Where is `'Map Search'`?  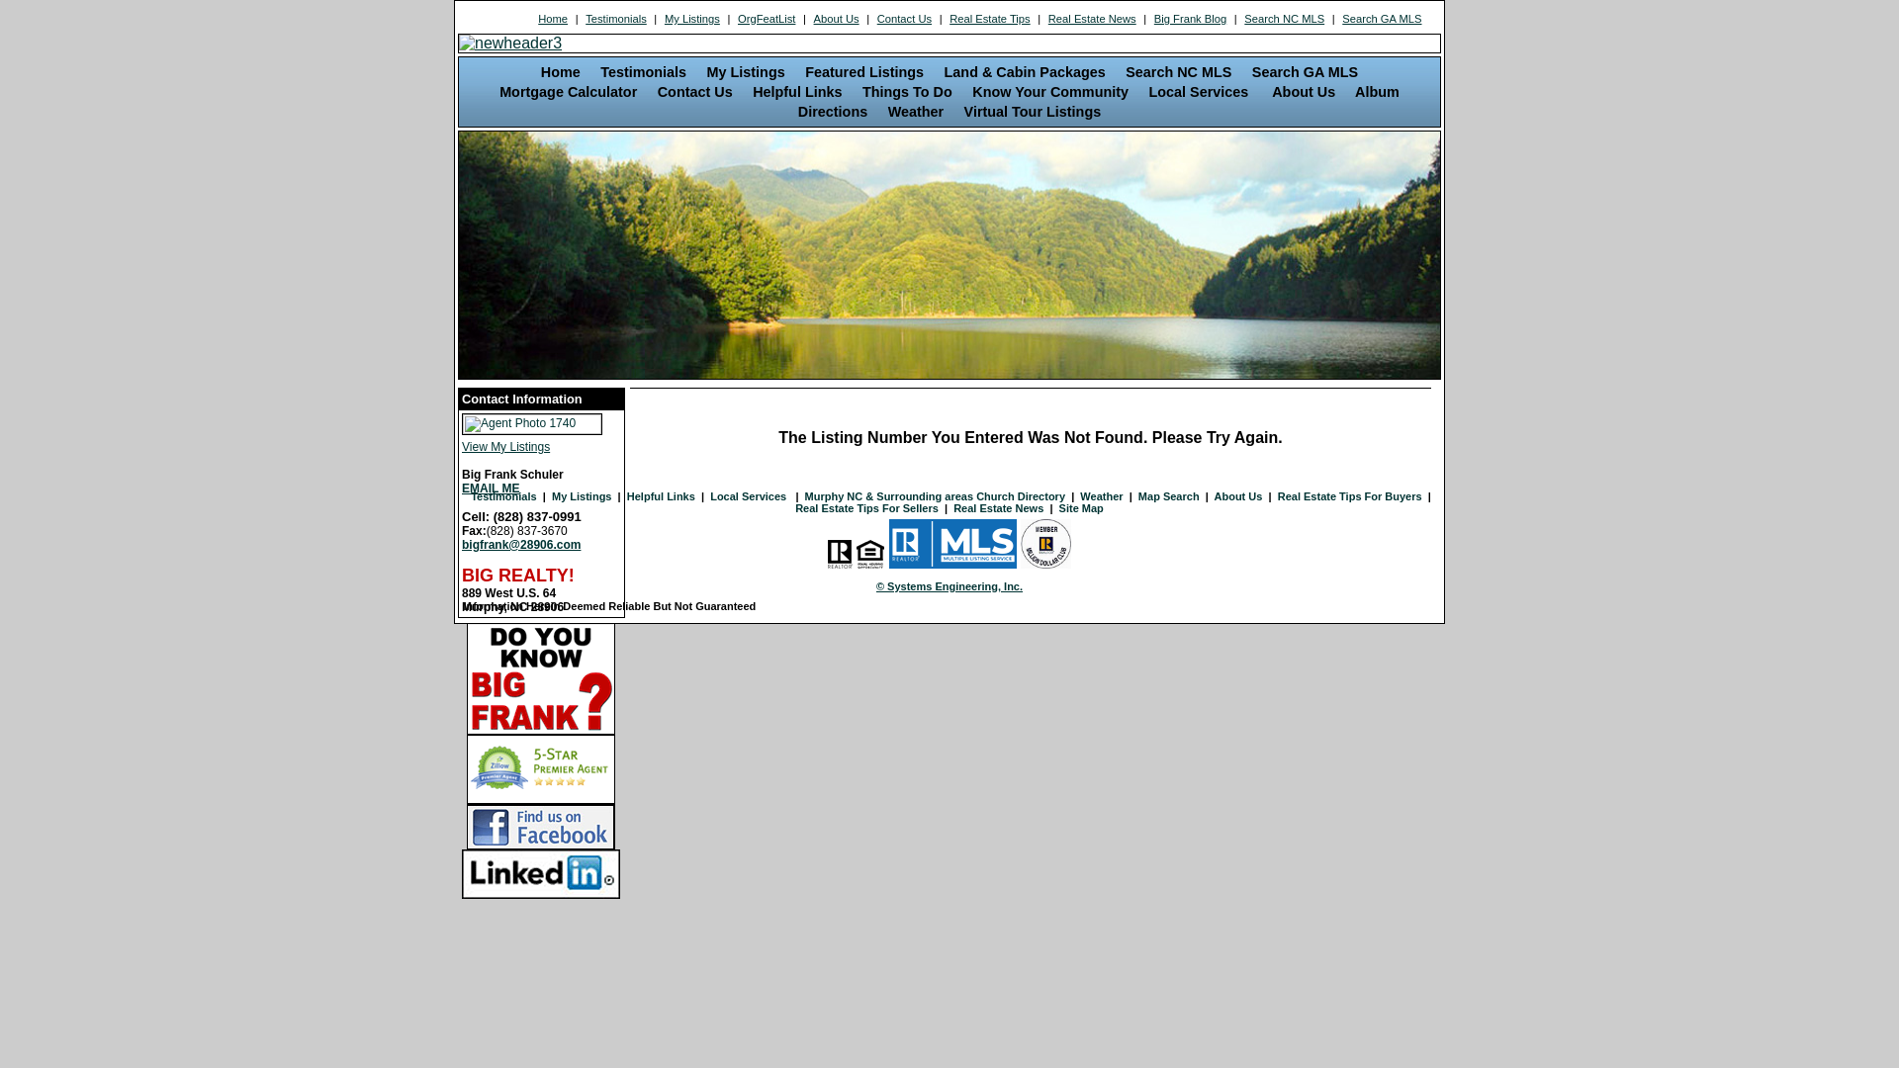 'Map Search' is located at coordinates (1138, 494).